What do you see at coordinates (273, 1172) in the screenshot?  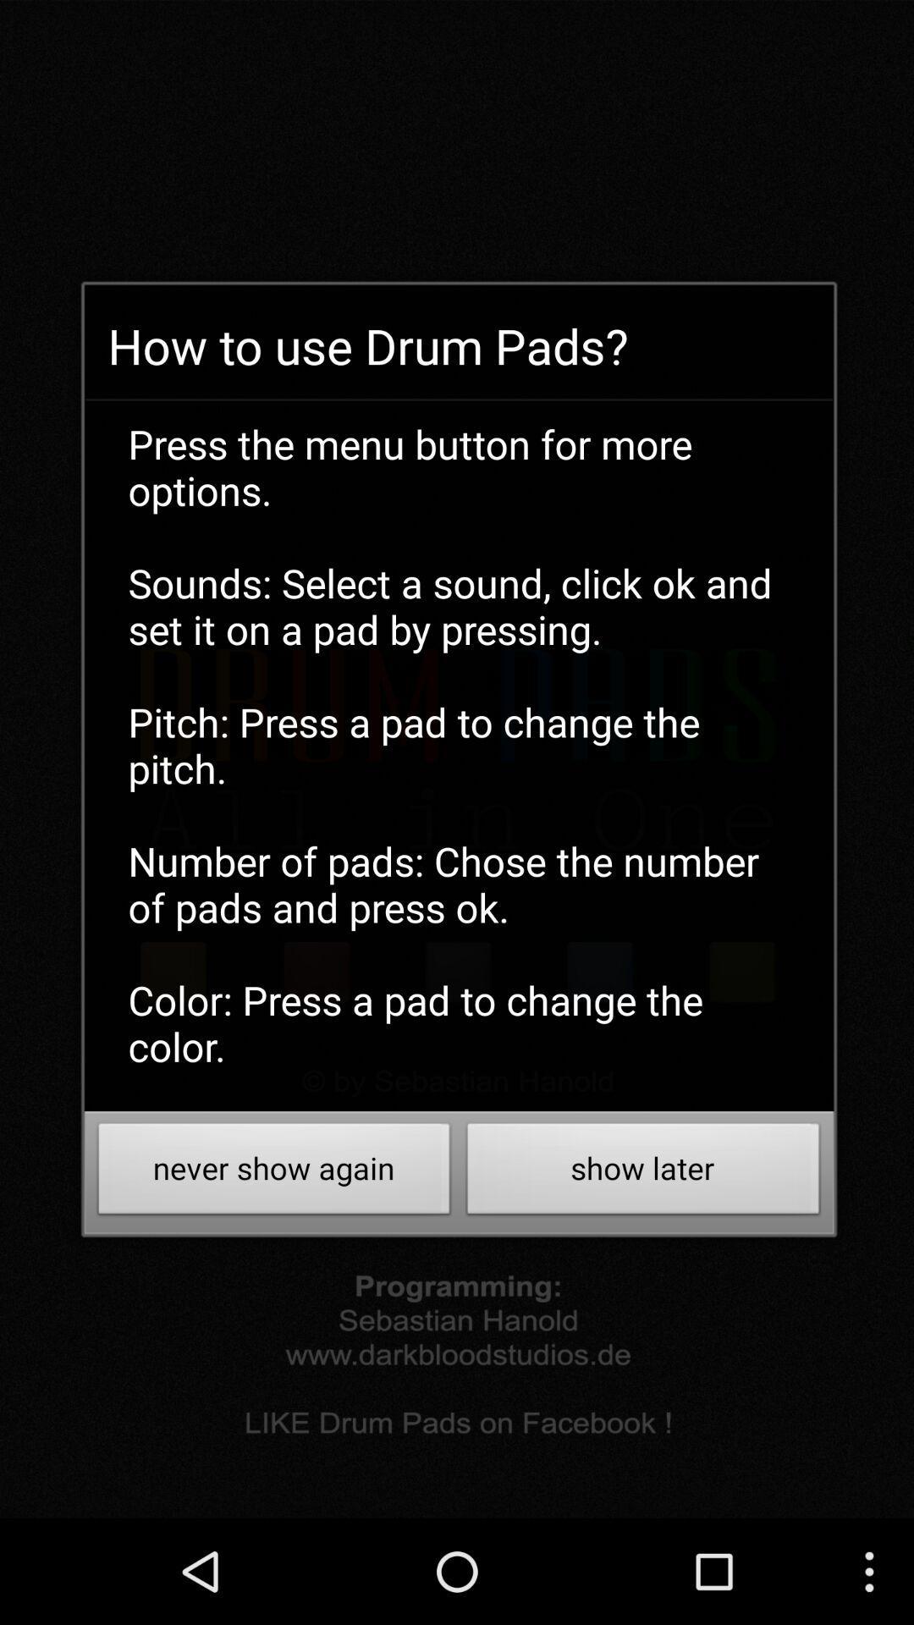 I see `never show again` at bounding box center [273, 1172].